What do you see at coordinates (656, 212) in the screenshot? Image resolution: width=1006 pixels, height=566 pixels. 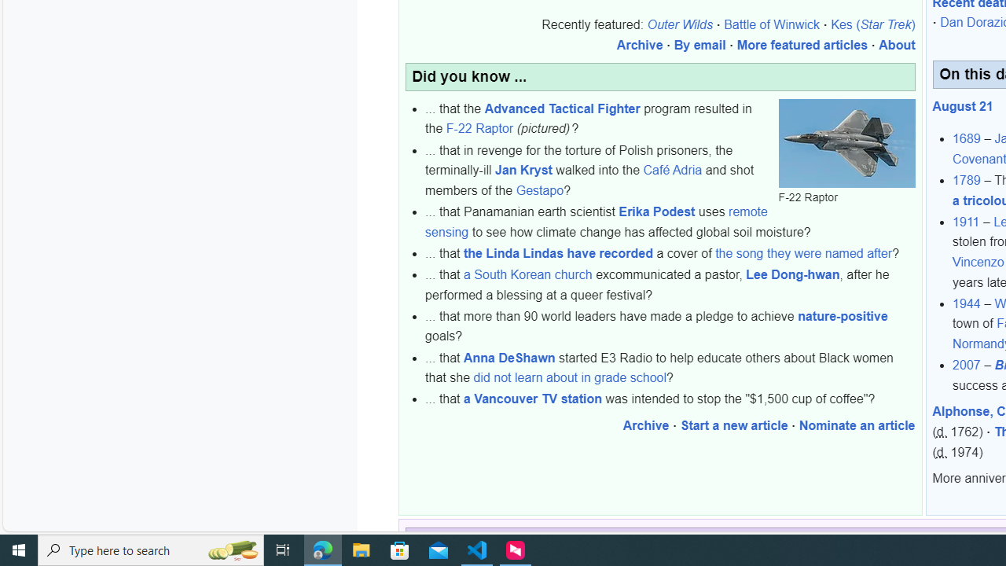 I see `'Erika Podest'` at bounding box center [656, 212].